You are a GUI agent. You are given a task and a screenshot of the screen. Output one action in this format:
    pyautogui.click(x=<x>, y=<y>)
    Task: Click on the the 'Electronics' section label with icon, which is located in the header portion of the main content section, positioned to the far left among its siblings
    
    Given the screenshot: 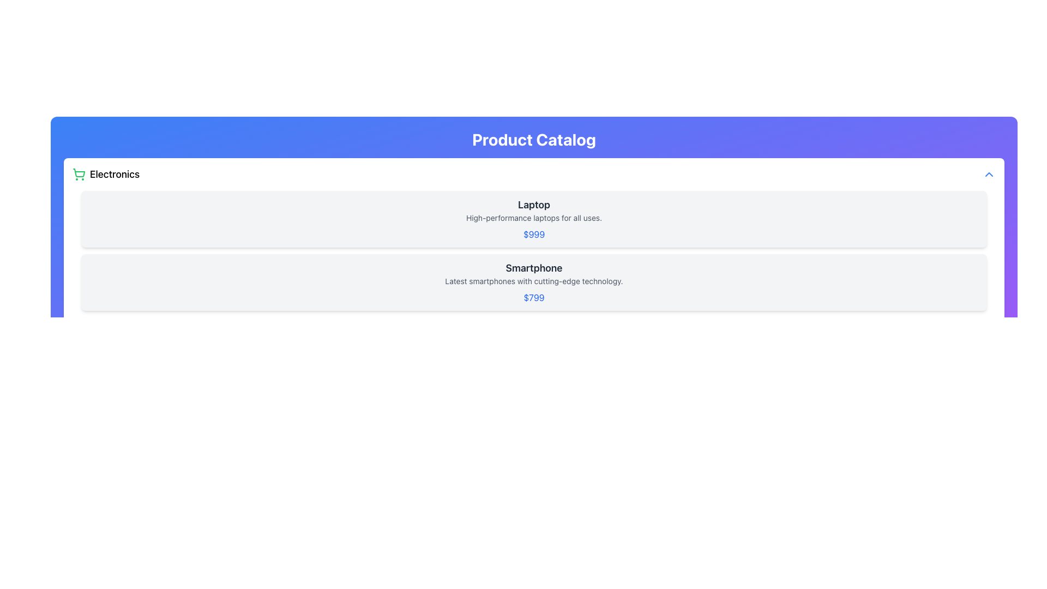 What is the action you would take?
    pyautogui.click(x=106, y=174)
    